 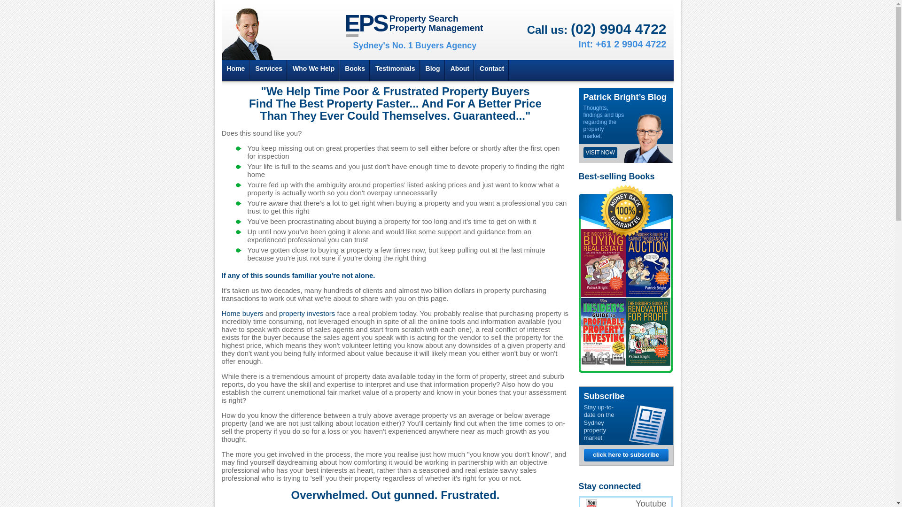 What do you see at coordinates (599, 152) in the screenshot?
I see `'VISIT NOW'` at bounding box center [599, 152].